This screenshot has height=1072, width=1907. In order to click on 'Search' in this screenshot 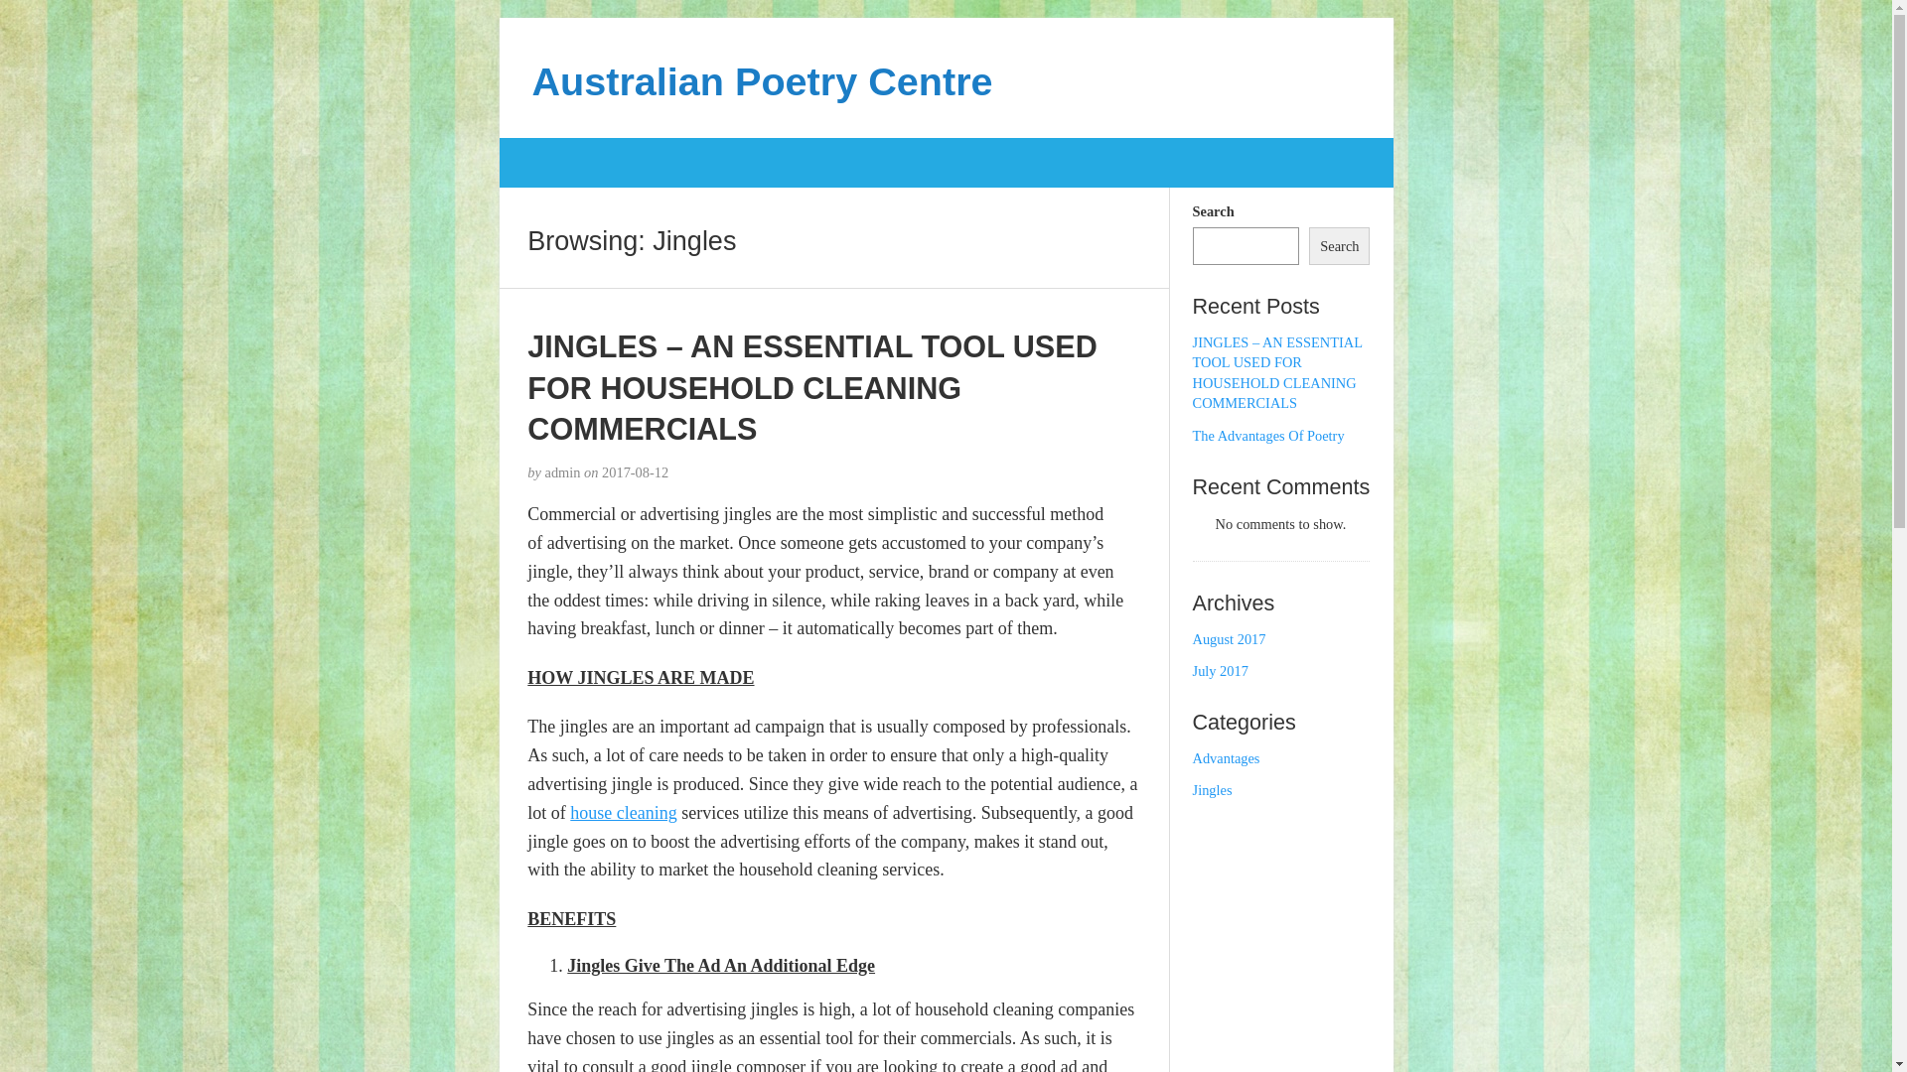, I will do `click(1339, 245)`.